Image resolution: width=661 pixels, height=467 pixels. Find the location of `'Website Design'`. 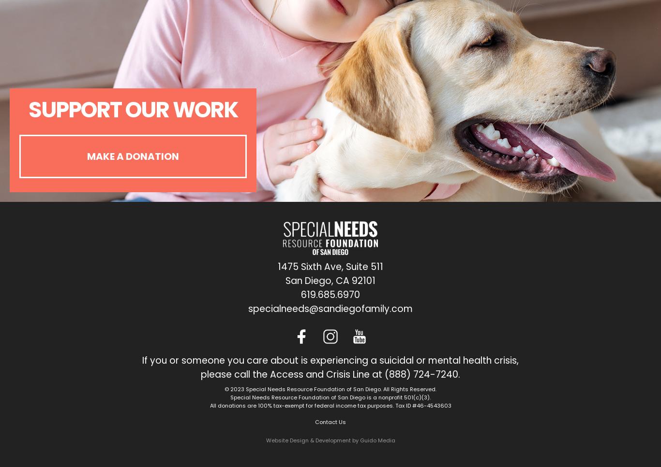

'Website Design' is located at coordinates (286, 440).